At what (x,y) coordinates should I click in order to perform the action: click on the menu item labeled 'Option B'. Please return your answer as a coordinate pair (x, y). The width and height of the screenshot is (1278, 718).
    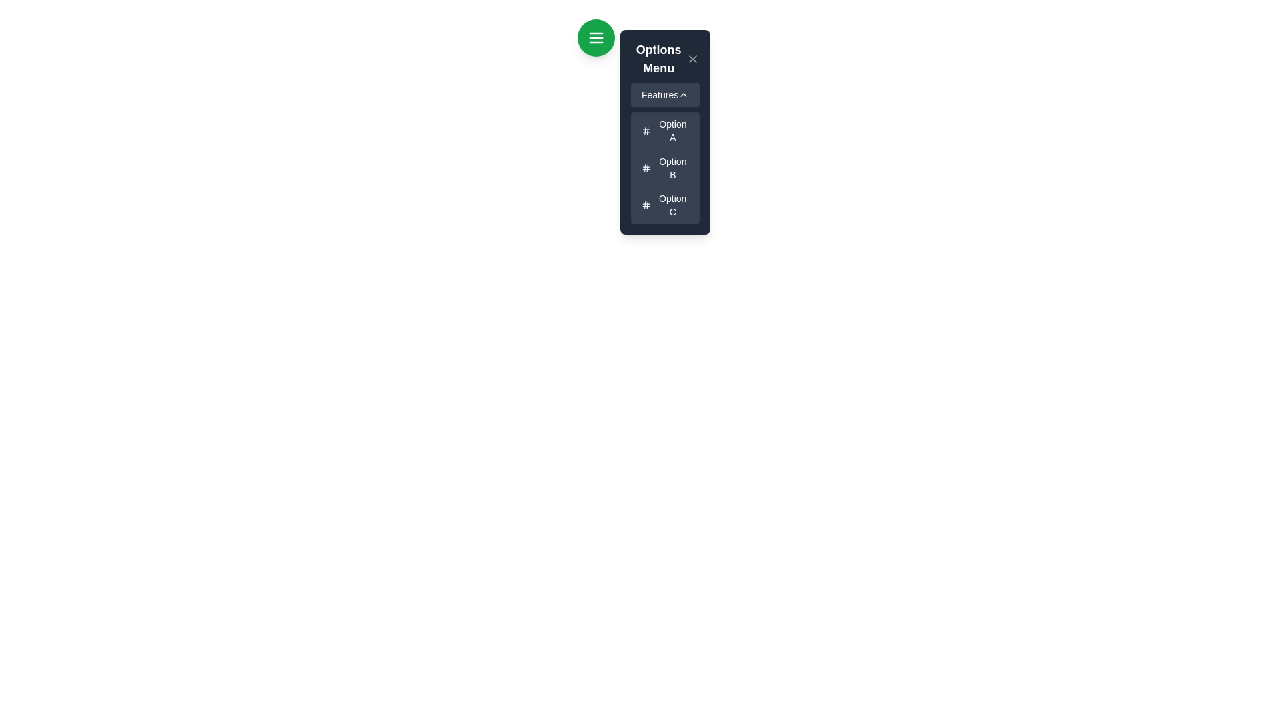
    Looking at the image, I should click on (665, 168).